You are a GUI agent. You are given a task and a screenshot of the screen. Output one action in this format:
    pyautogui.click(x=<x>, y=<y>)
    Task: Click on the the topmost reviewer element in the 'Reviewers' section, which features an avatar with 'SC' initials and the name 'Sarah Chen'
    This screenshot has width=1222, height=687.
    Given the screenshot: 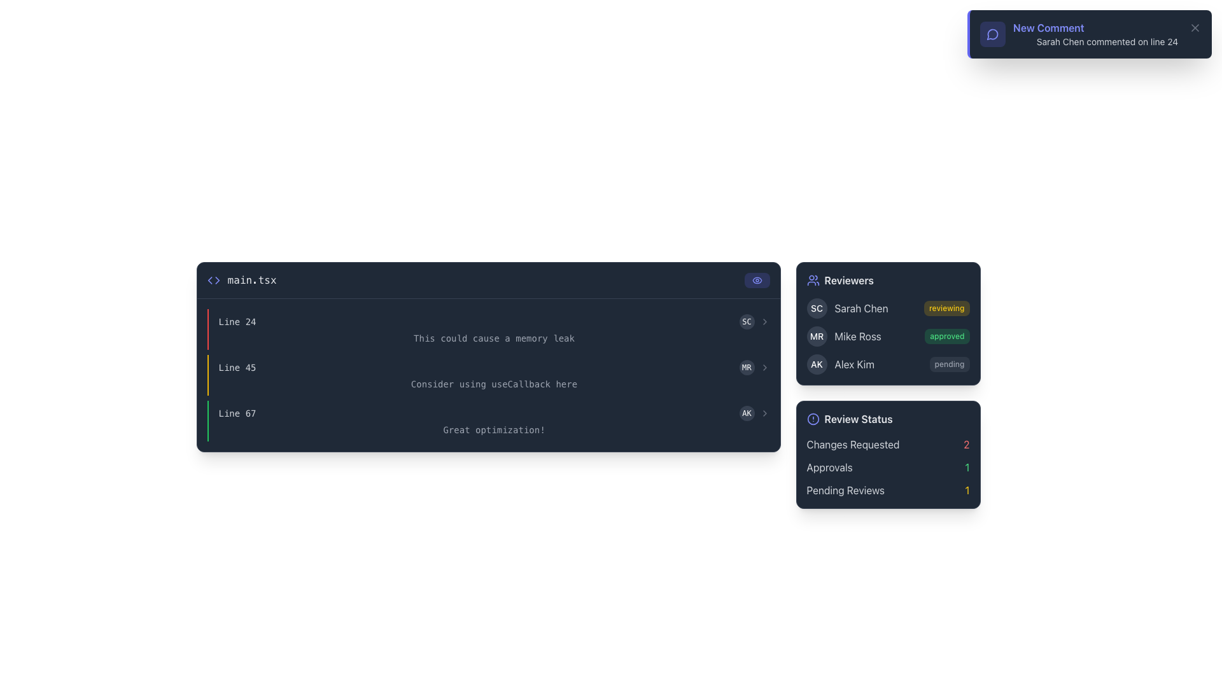 What is the action you would take?
    pyautogui.click(x=847, y=309)
    